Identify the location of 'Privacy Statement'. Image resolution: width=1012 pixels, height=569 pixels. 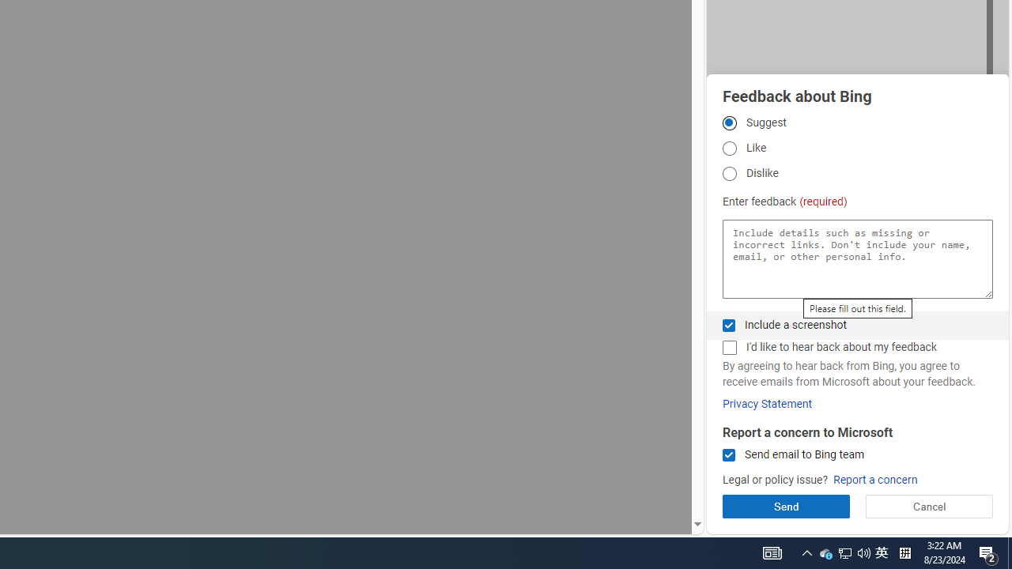
(767, 403).